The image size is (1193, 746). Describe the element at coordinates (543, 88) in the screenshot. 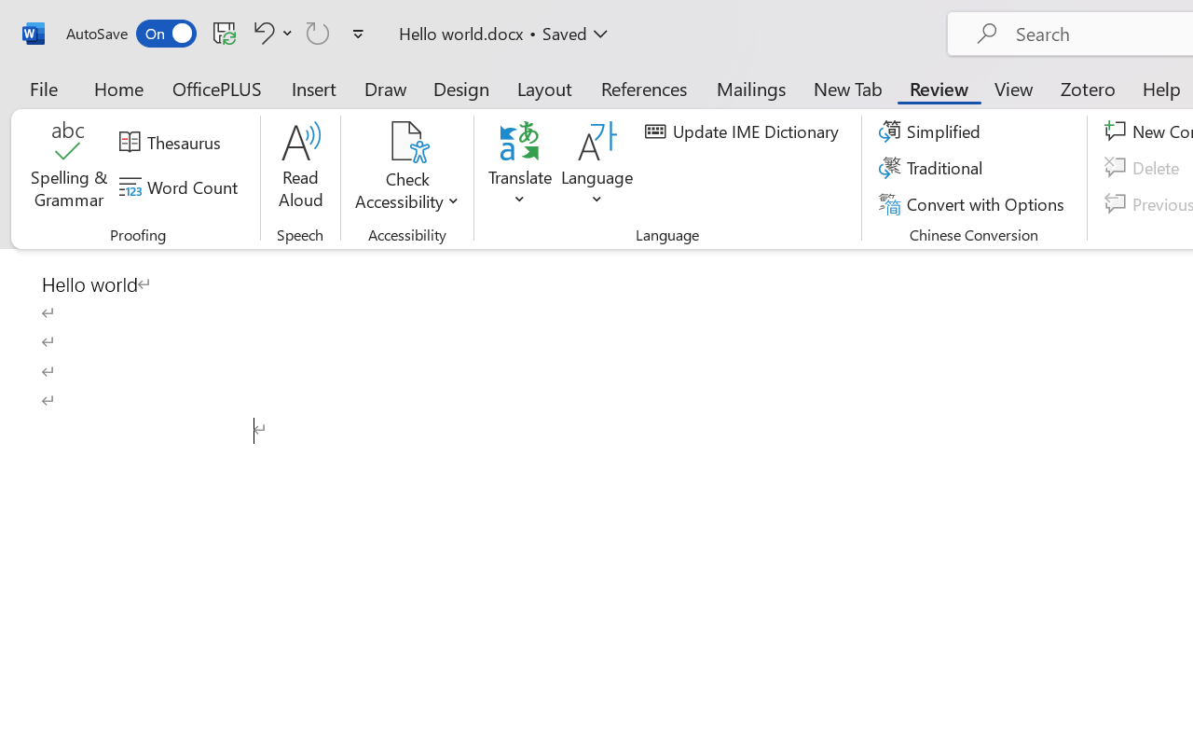

I see `'Layout'` at that location.